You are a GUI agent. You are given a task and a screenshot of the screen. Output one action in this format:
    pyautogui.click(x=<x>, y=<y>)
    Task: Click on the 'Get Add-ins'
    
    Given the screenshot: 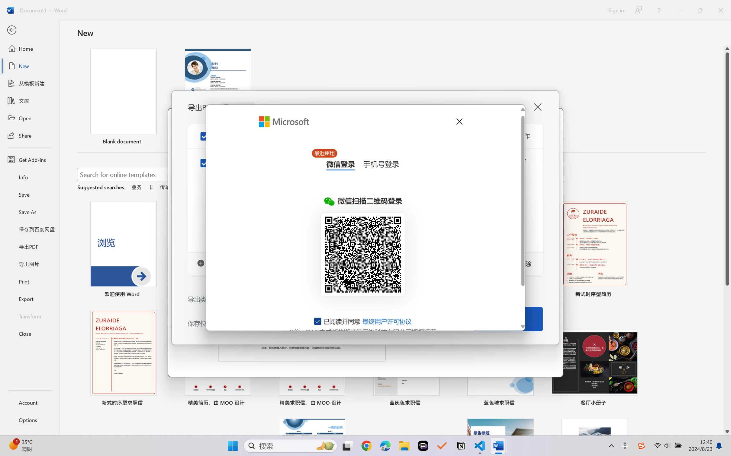 What is the action you would take?
    pyautogui.click(x=29, y=159)
    